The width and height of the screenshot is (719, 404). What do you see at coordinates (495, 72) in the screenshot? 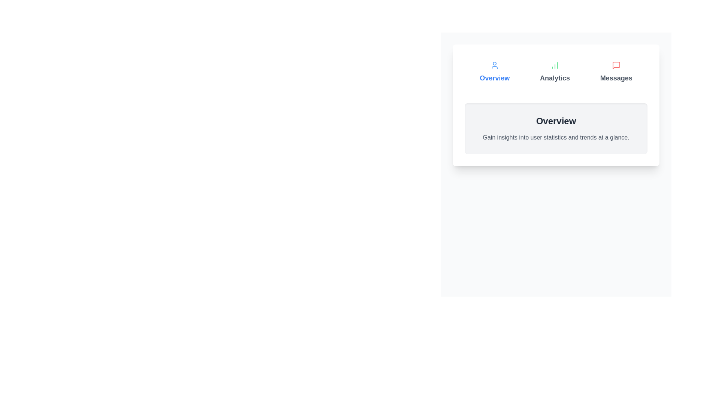
I see `the Overview tab` at bounding box center [495, 72].